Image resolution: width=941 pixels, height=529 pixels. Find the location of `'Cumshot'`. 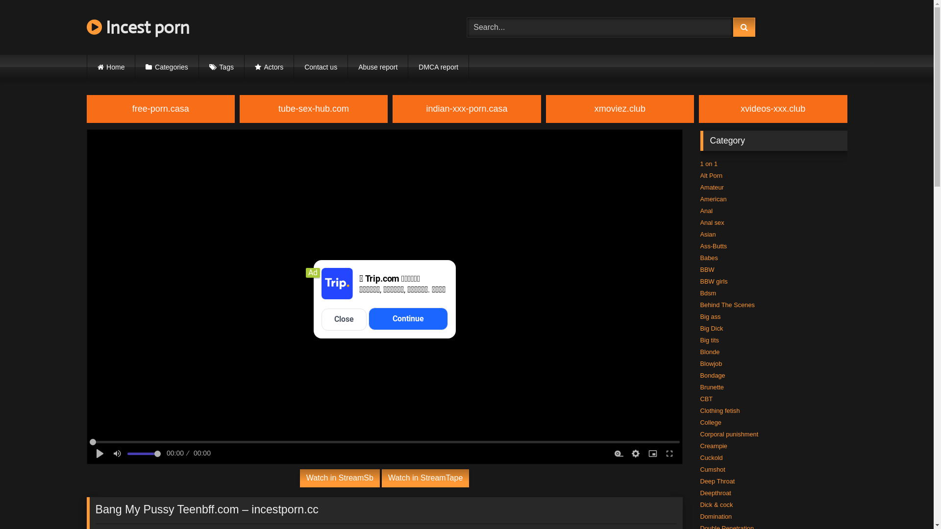

'Cumshot' is located at coordinates (712, 469).